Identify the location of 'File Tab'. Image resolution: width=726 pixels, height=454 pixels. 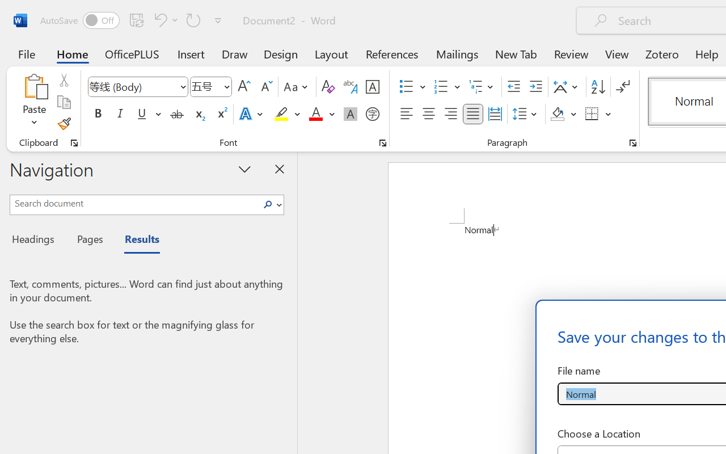
(26, 53).